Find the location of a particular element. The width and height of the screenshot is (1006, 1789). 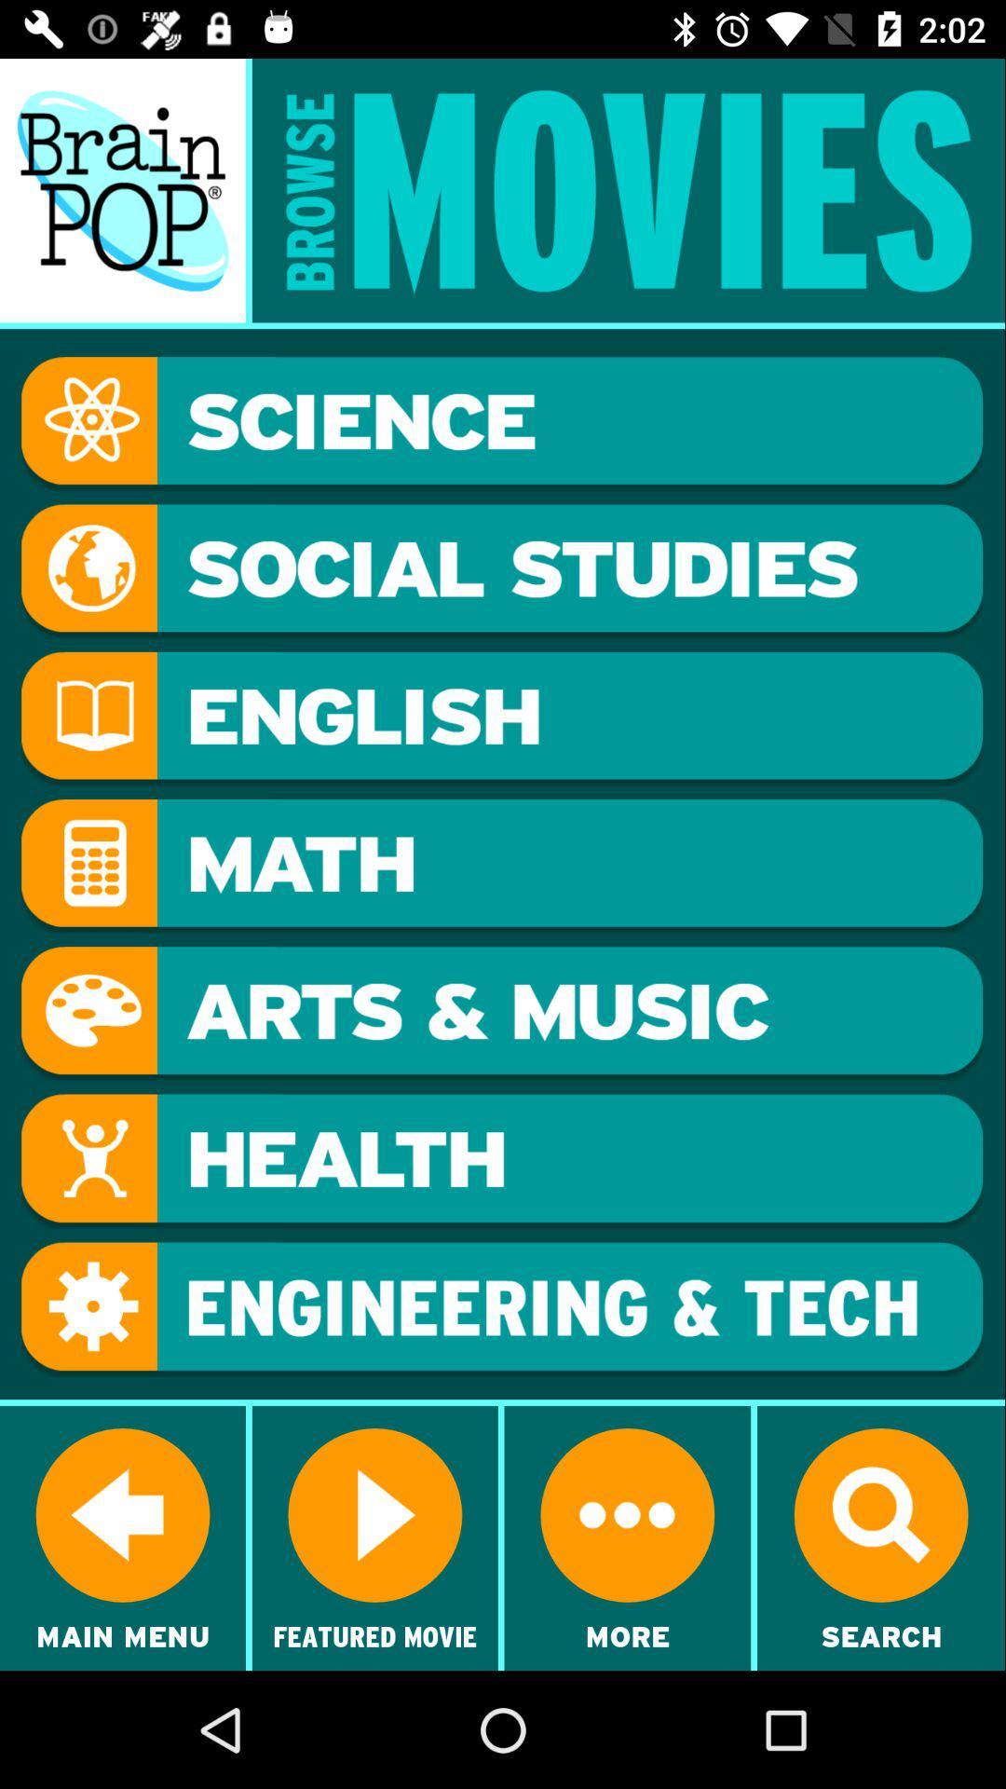

english is located at coordinates (501, 717).